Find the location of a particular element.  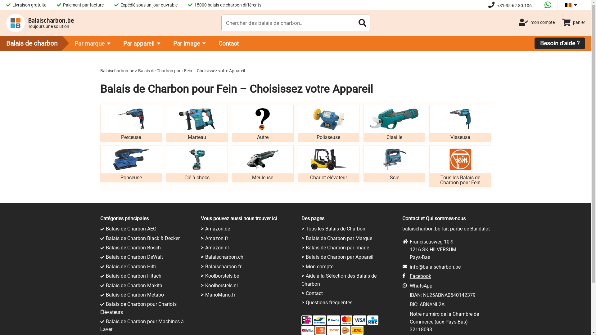

'Amazon.fr' is located at coordinates (205, 238).